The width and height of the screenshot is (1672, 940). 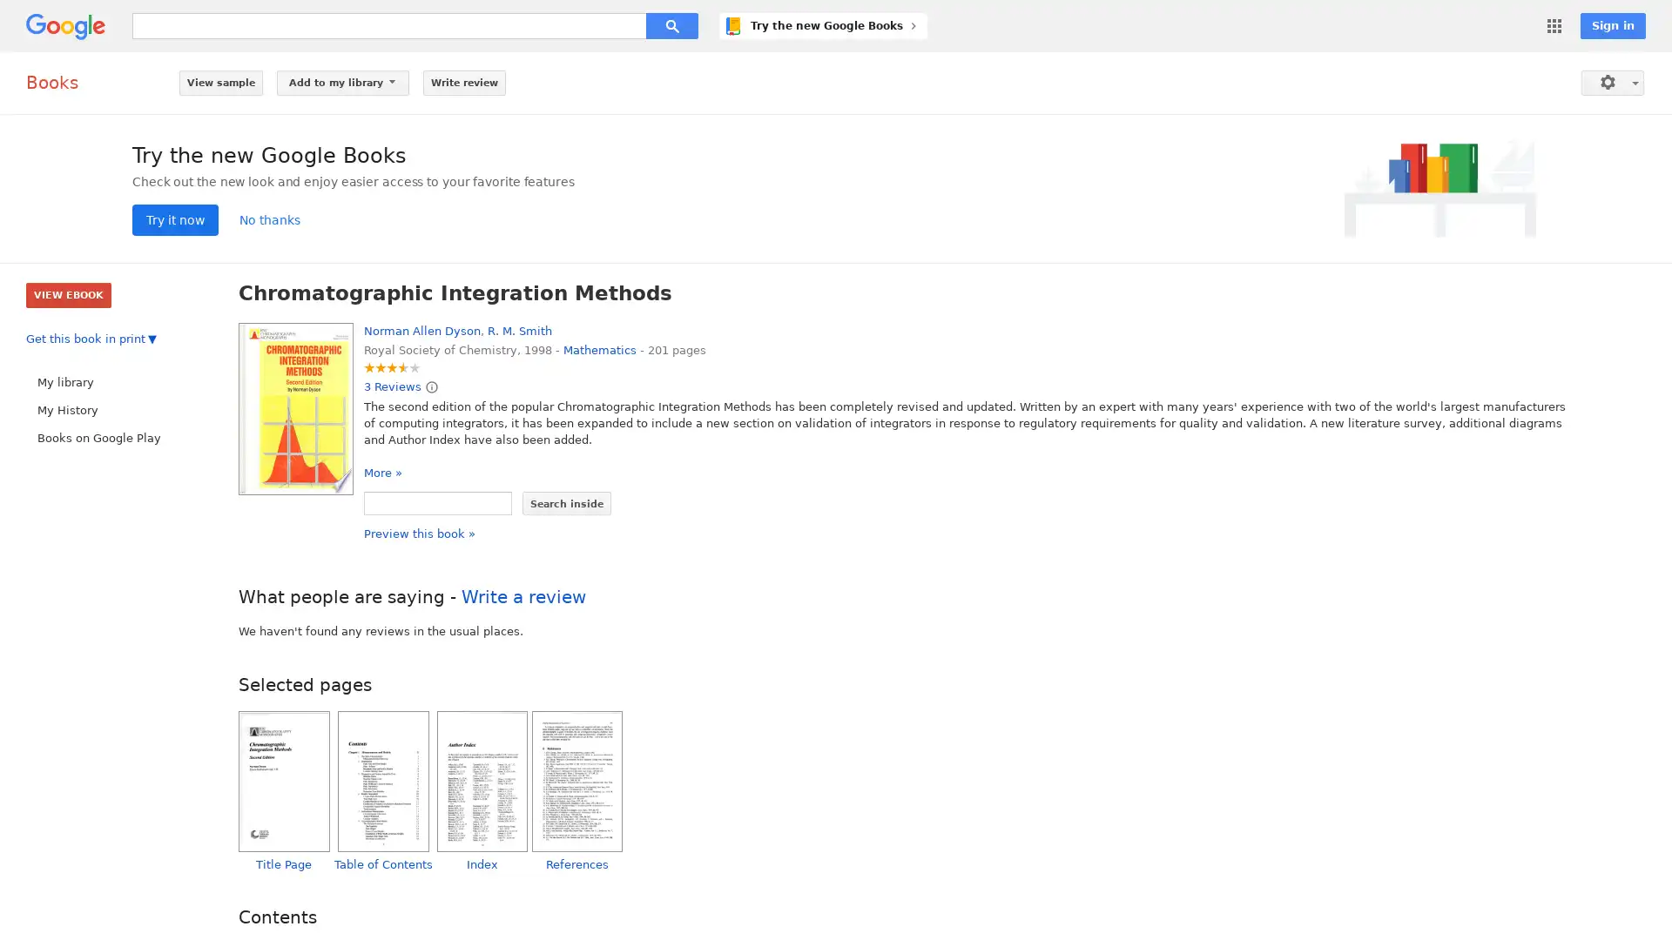 I want to click on View sample, so click(x=220, y=83).